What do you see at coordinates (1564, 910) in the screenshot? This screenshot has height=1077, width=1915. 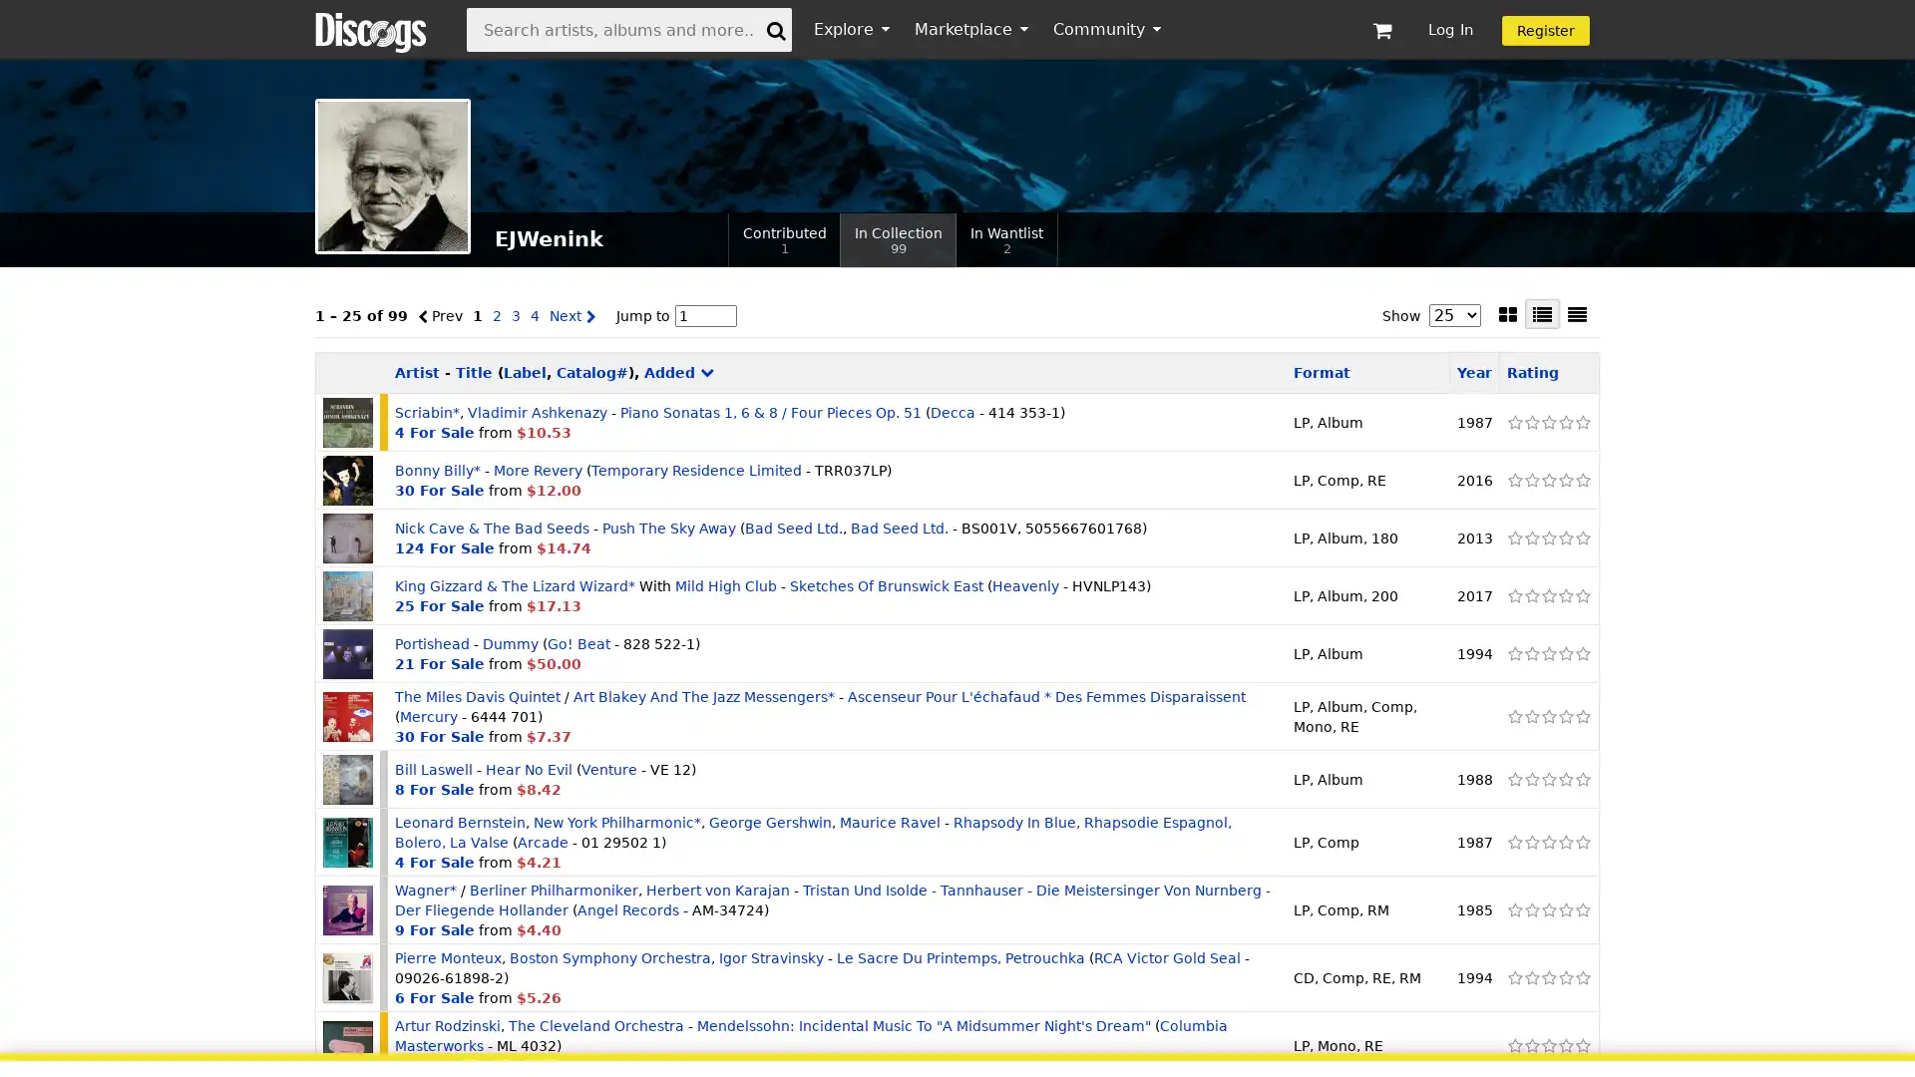 I see `Rate this release 4 stars.` at bounding box center [1564, 910].